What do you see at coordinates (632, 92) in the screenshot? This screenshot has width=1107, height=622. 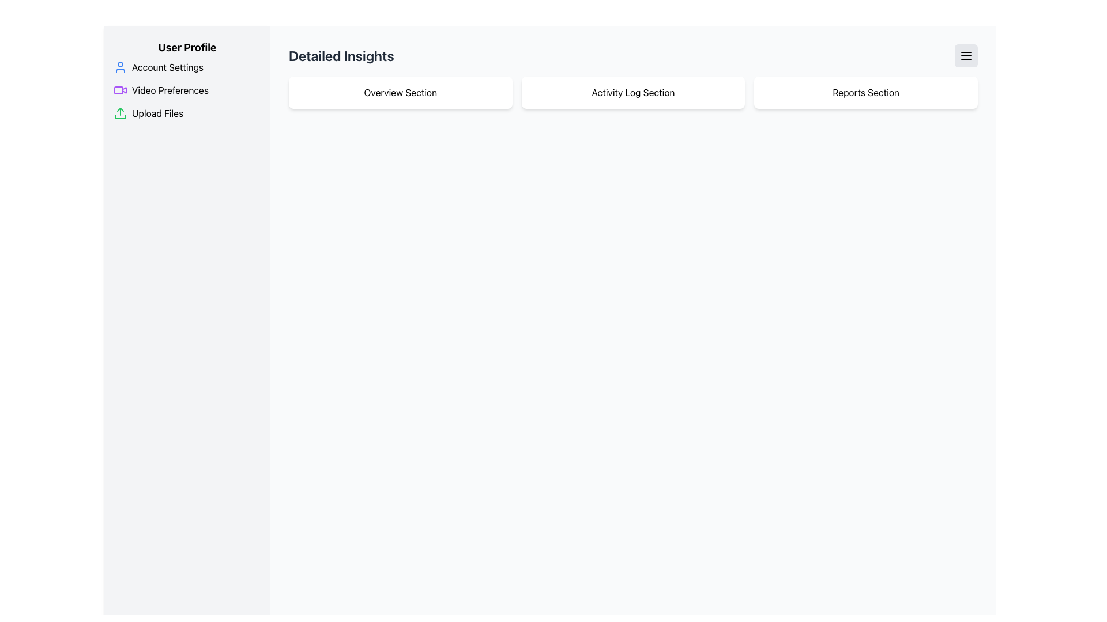 I see `the 'Activity Log Section', which is the second rectangular interactive section with a white background and rounded corners, located between the 'Overview Section' and 'Reports Section' under the 'Detailed Insights' header` at bounding box center [632, 92].